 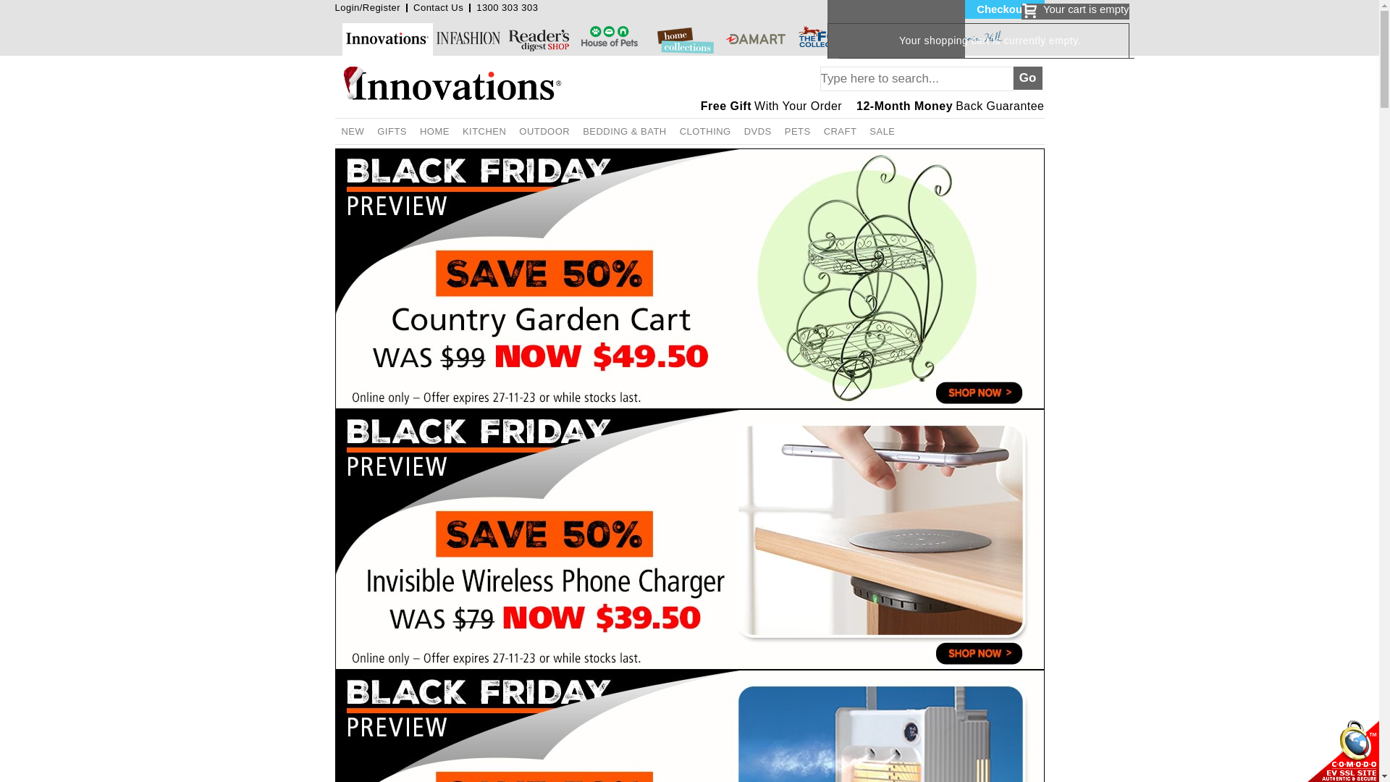 What do you see at coordinates (333, 131) in the screenshot?
I see `'NEW'` at bounding box center [333, 131].